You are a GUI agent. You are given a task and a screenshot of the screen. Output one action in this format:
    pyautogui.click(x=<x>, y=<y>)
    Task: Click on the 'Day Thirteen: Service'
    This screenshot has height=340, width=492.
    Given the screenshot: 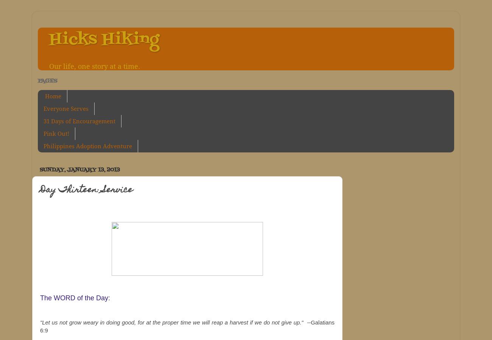 What is the action you would take?
    pyautogui.click(x=40, y=190)
    